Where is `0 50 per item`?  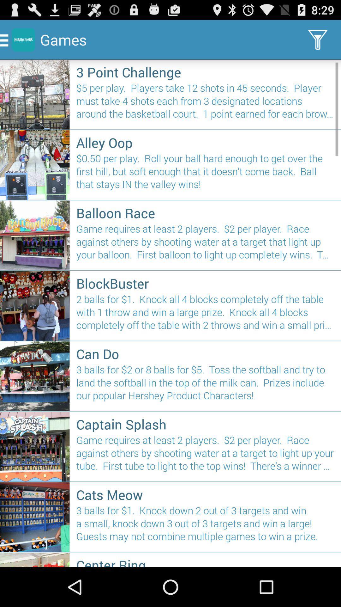
0 50 per item is located at coordinates (205, 174).